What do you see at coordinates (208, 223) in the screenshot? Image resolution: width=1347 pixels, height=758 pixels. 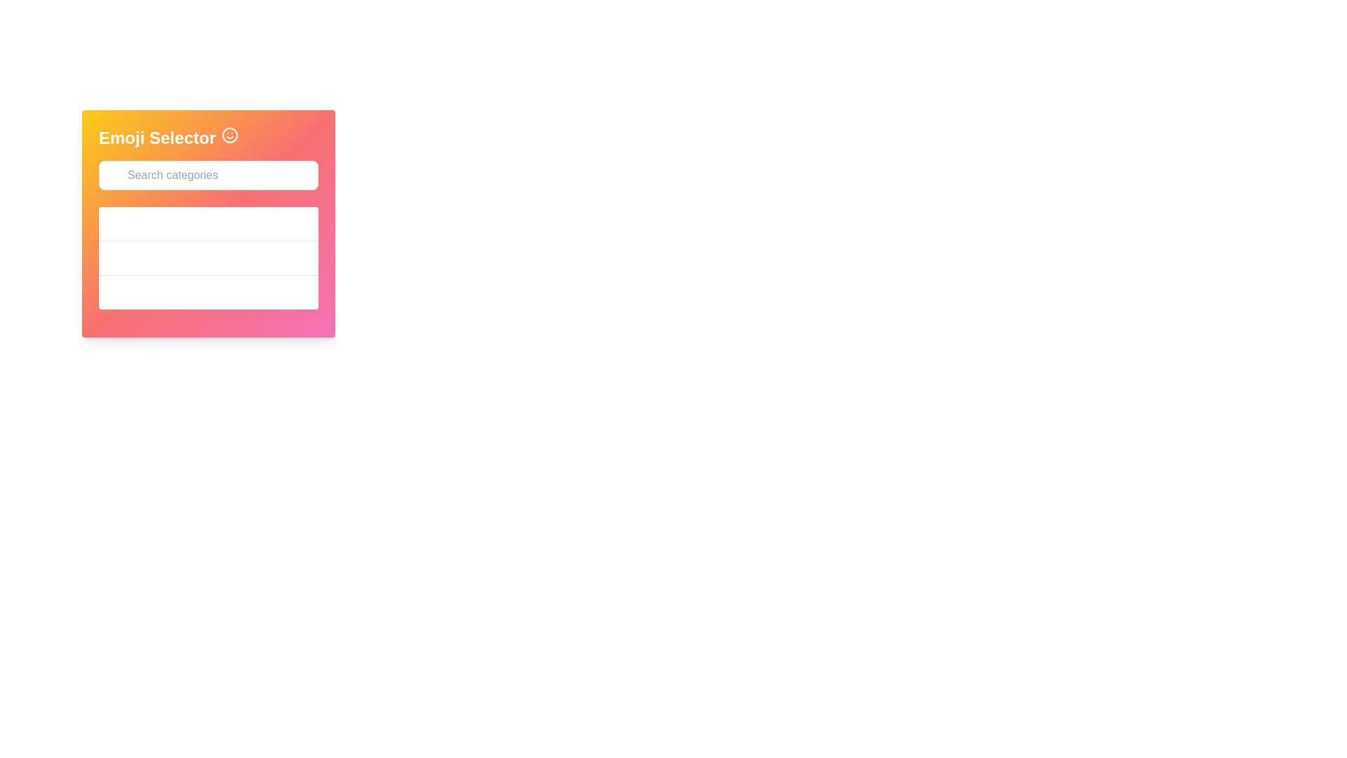 I see `the 'Smileys' category selector button, the first button in a vertical list within a white box under the search bar` at bounding box center [208, 223].